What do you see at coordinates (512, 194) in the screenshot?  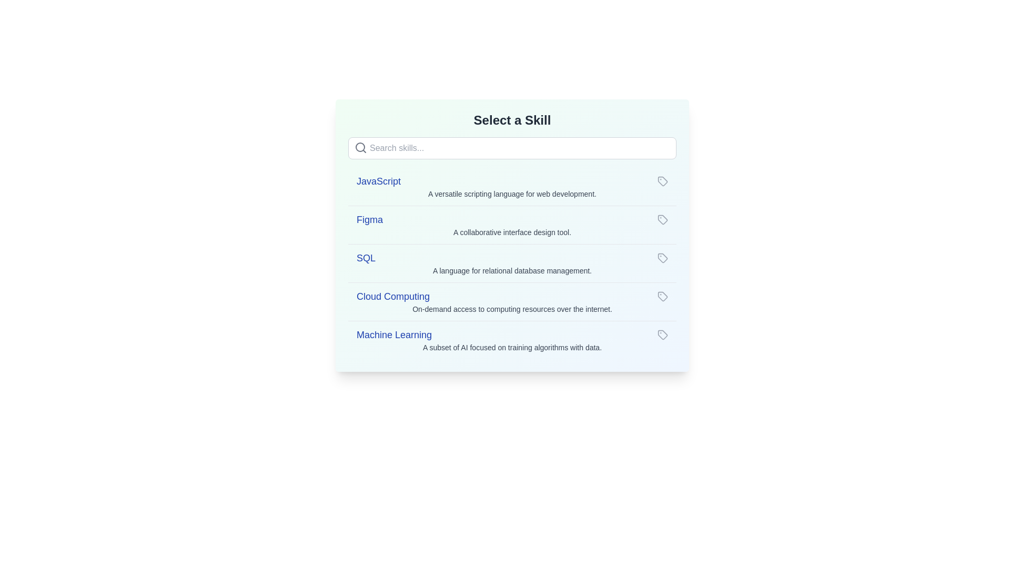 I see `the text label displaying 'A versatile scripting language for web development.' which is located beneath the bold blue title 'JavaScript.'` at bounding box center [512, 194].